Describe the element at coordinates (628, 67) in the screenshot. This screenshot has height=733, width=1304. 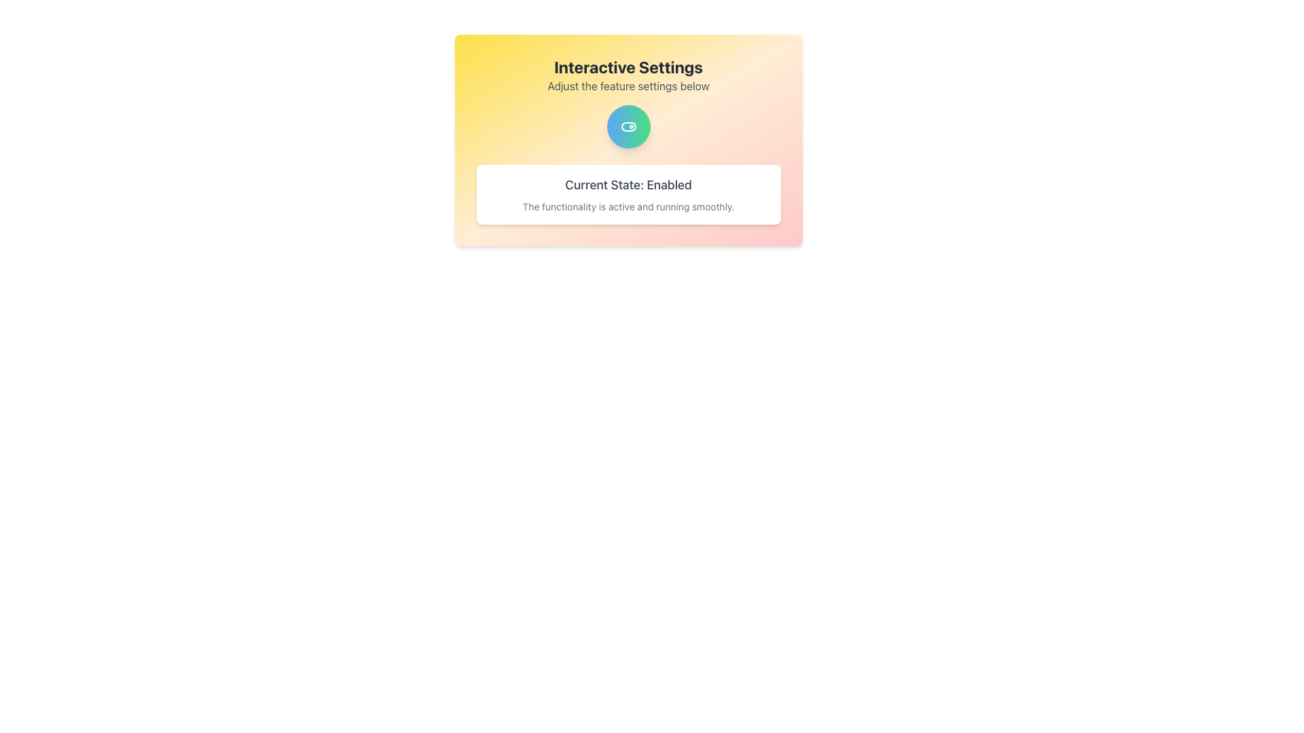
I see `the header text element that serves as a title for the section, located above the text 'Adjust the feature settings below'` at that location.